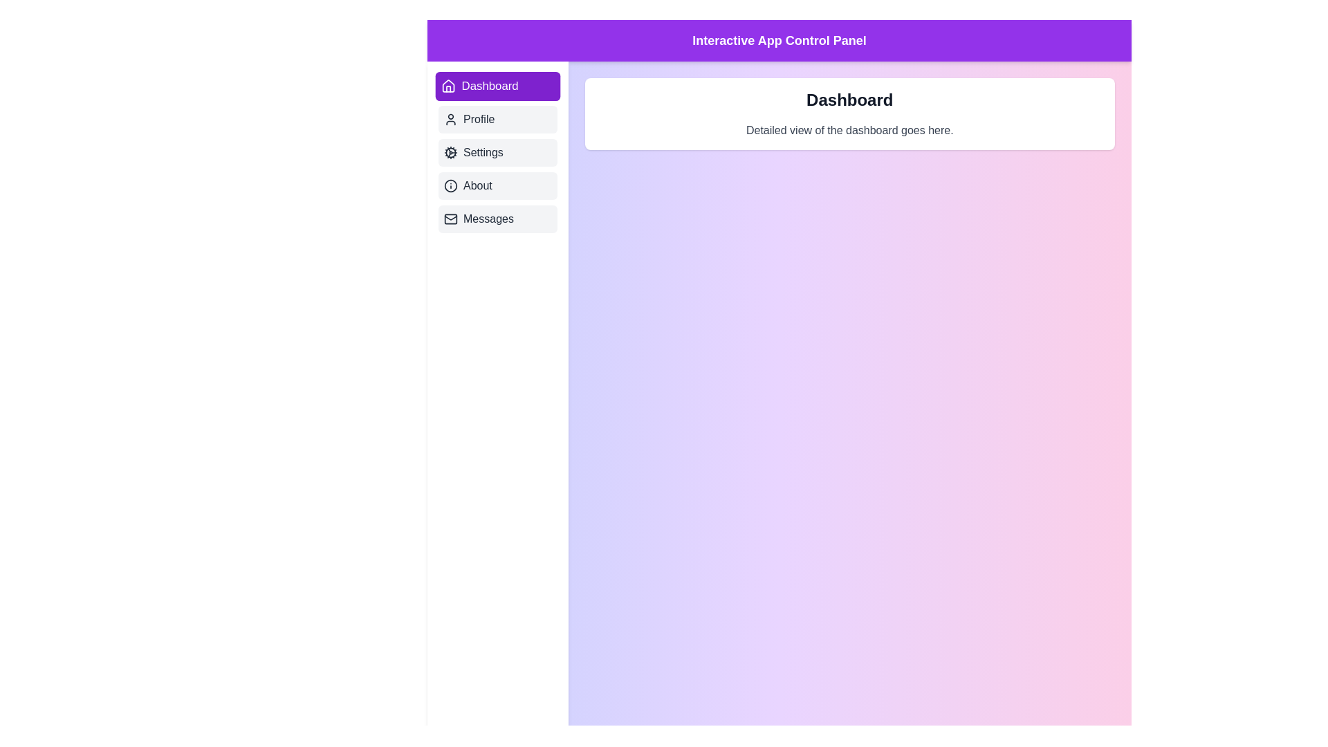 The width and height of the screenshot is (1328, 747). What do you see at coordinates (497, 152) in the screenshot?
I see `the tab labeled Settings to display its content` at bounding box center [497, 152].